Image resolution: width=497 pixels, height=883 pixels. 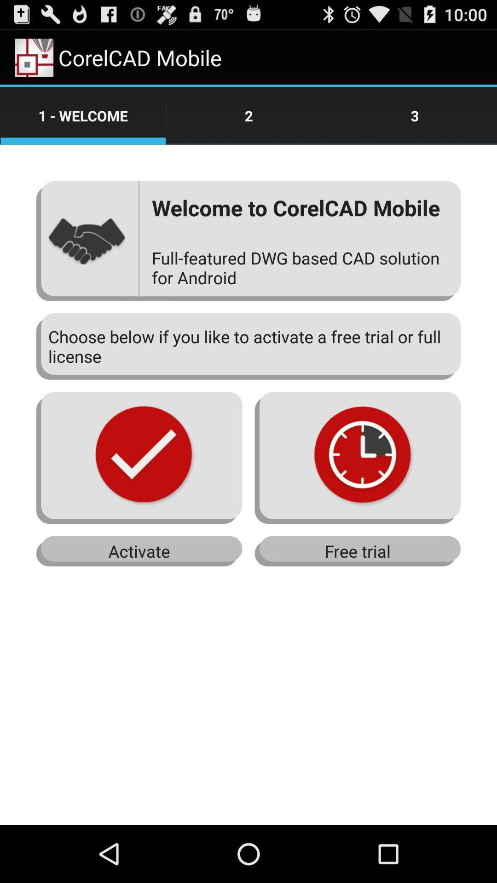 I want to click on the button beside activate, so click(x=357, y=551).